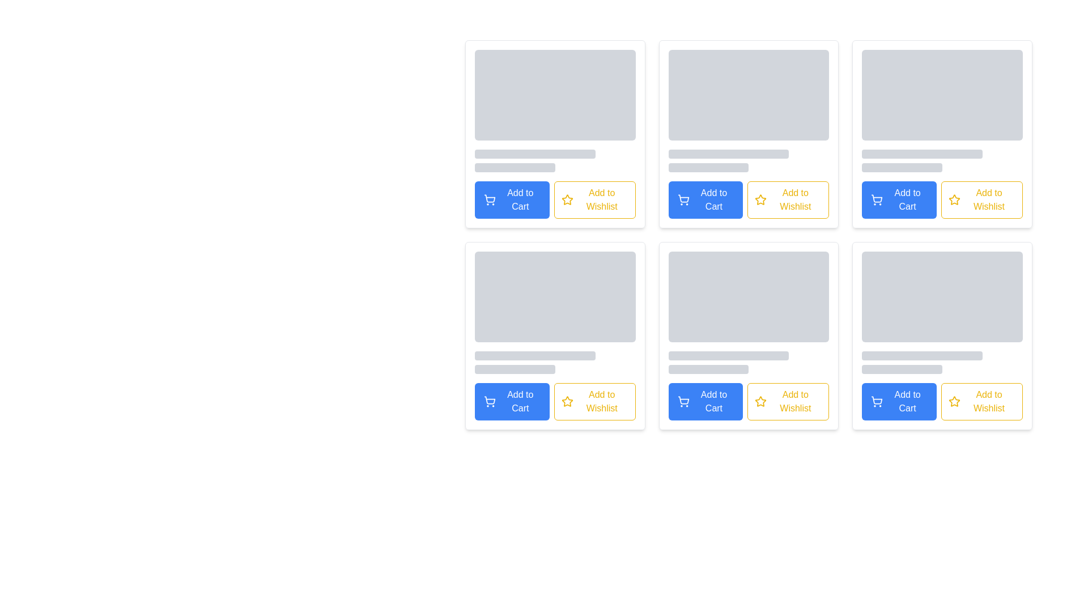 The image size is (1088, 612). I want to click on the slider position, so click(708, 369).